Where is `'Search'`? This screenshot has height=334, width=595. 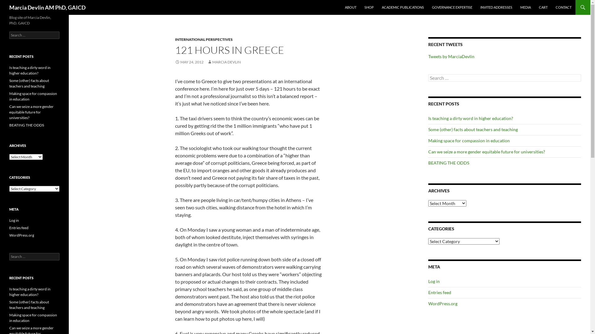 'Search' is located at coordinates (12, 3).